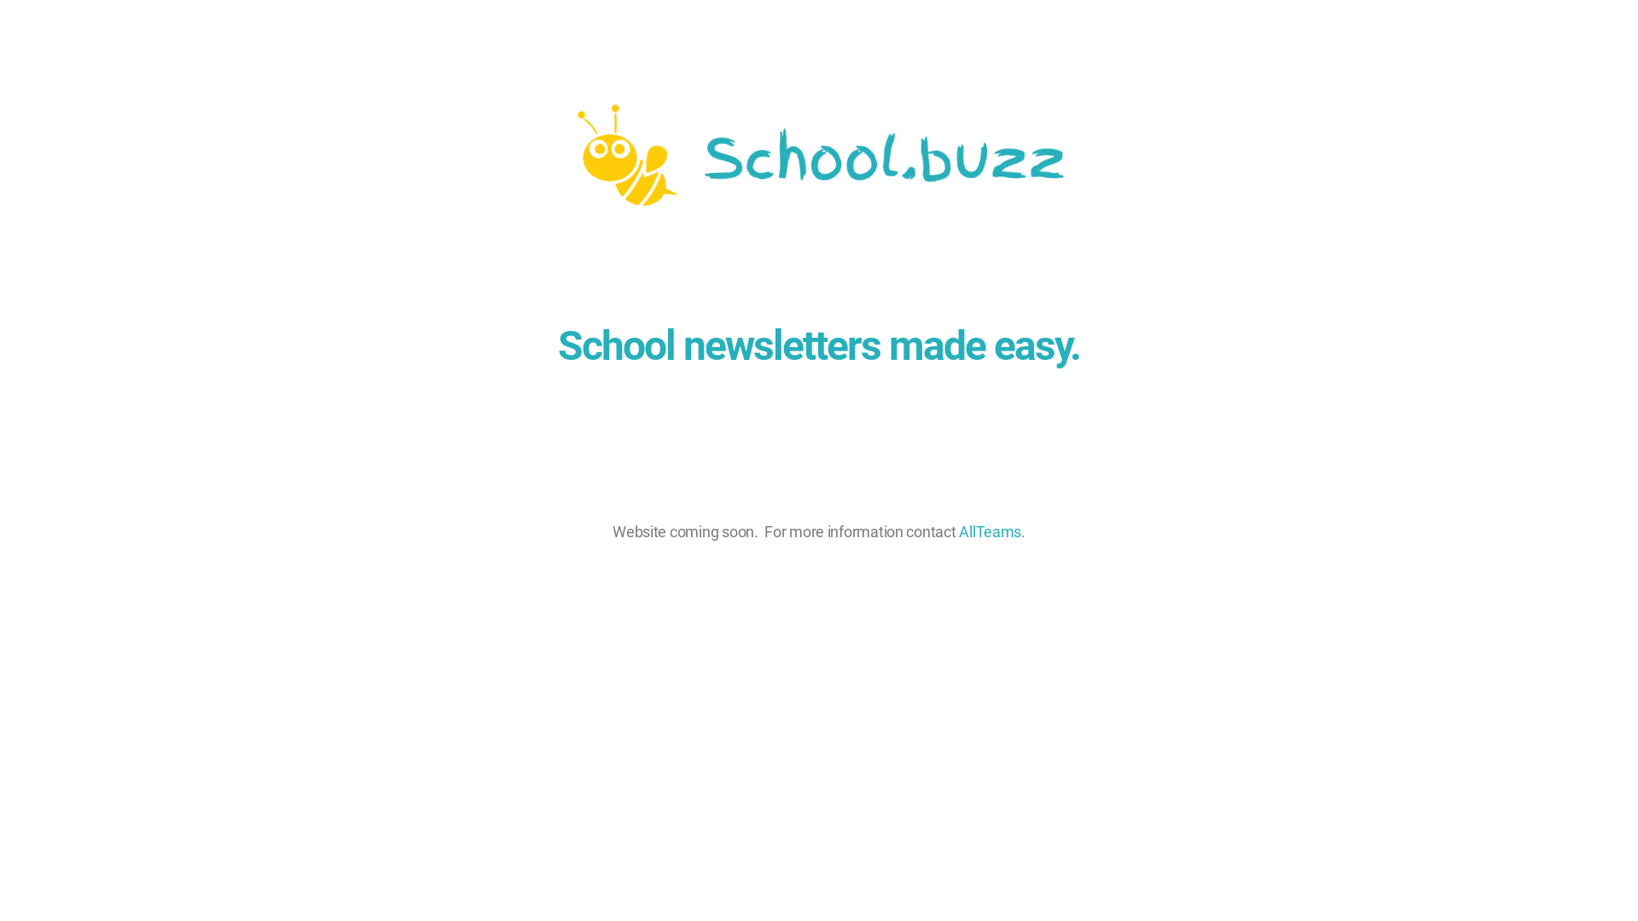  What do you see at coordinates (990, 530) in the screenshot?
I see `'AllTeams'` at bounding box center [990, 530].